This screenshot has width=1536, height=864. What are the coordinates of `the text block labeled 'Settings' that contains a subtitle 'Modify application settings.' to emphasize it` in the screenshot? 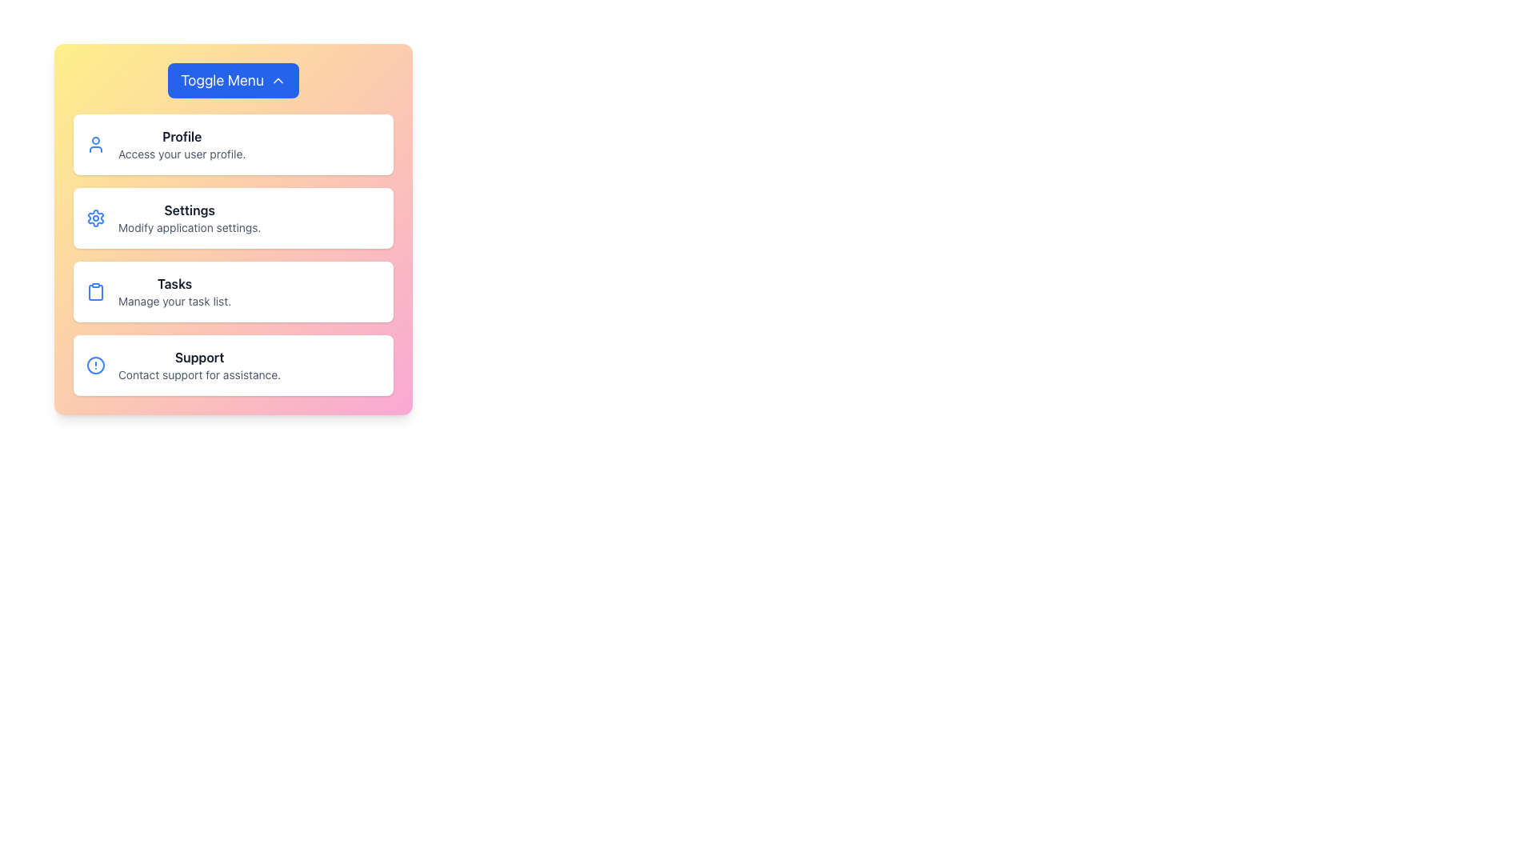 It's located at (190, 218).